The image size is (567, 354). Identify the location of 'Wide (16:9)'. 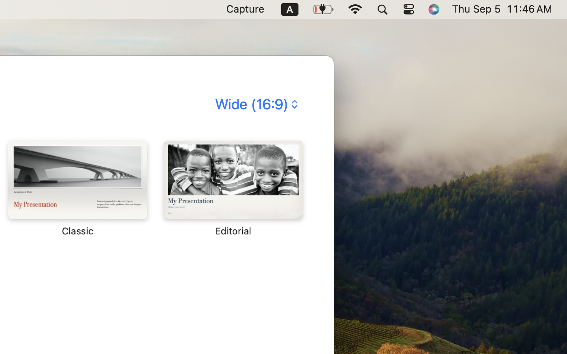
(255, 103).